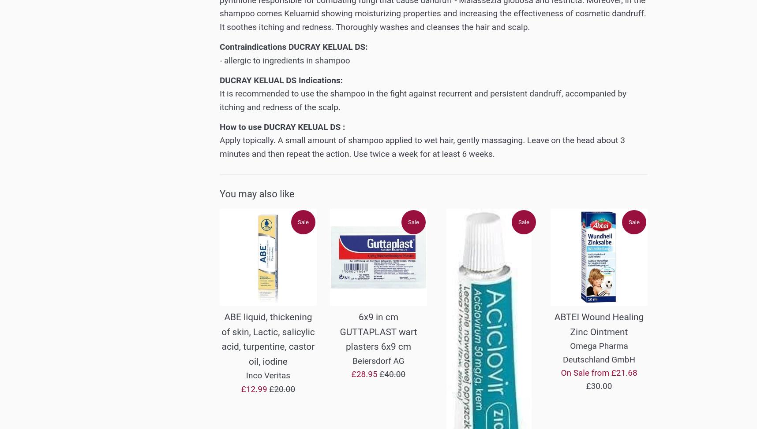  Describe the element at coordinates (598, 352) in the screenshot. I see `'Omega Pharma Deutschland GmbH'` at that location.